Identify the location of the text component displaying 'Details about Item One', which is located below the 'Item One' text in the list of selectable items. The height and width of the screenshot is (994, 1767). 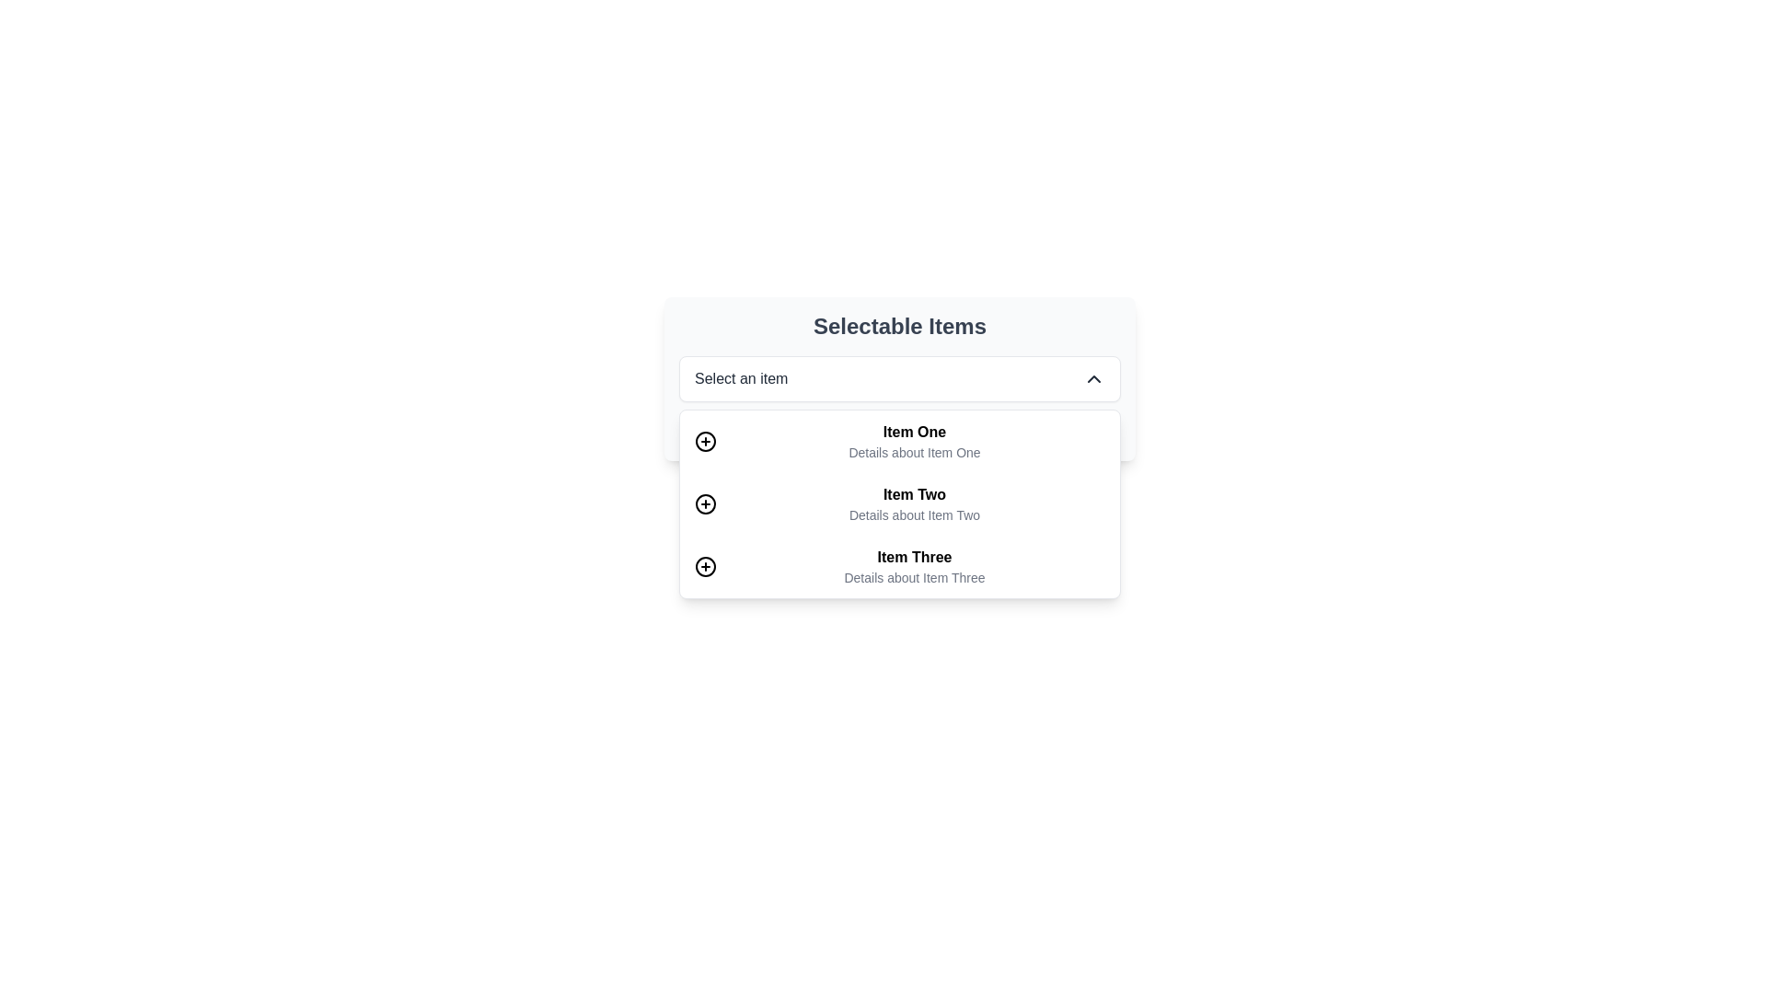
(914, 453).